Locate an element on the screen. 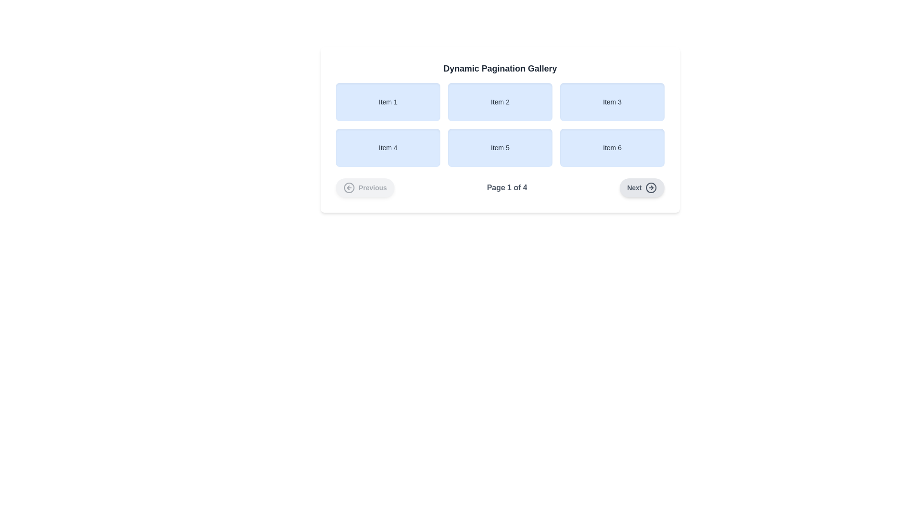  the static display box labeled 'Item 6' with a light blue background, located in the bottom-right corner of the grid layout is located at coordinates (612, 147).